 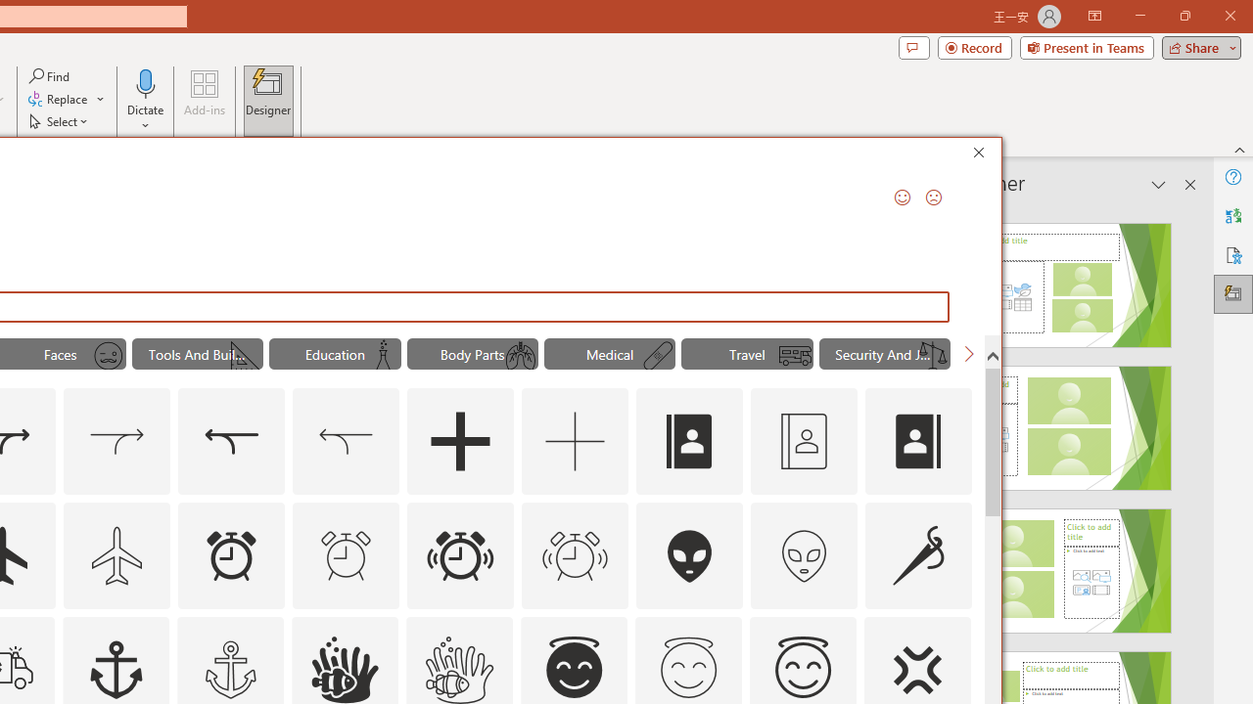 I want to click on 'AutomationID: Icons_MoustacheFace_M', so click(x=108, y=356).